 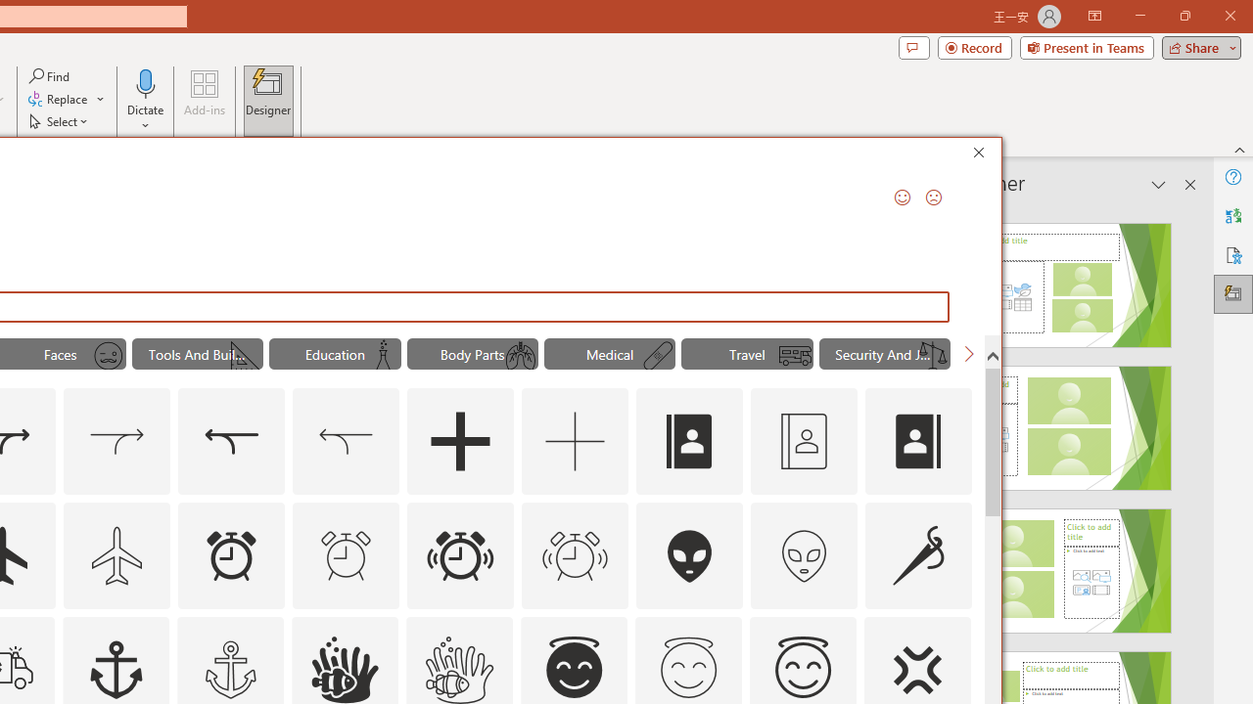 I want to click on 'AutomationID: Icons_MoustacheFace_M', so click(x=108, y=356).